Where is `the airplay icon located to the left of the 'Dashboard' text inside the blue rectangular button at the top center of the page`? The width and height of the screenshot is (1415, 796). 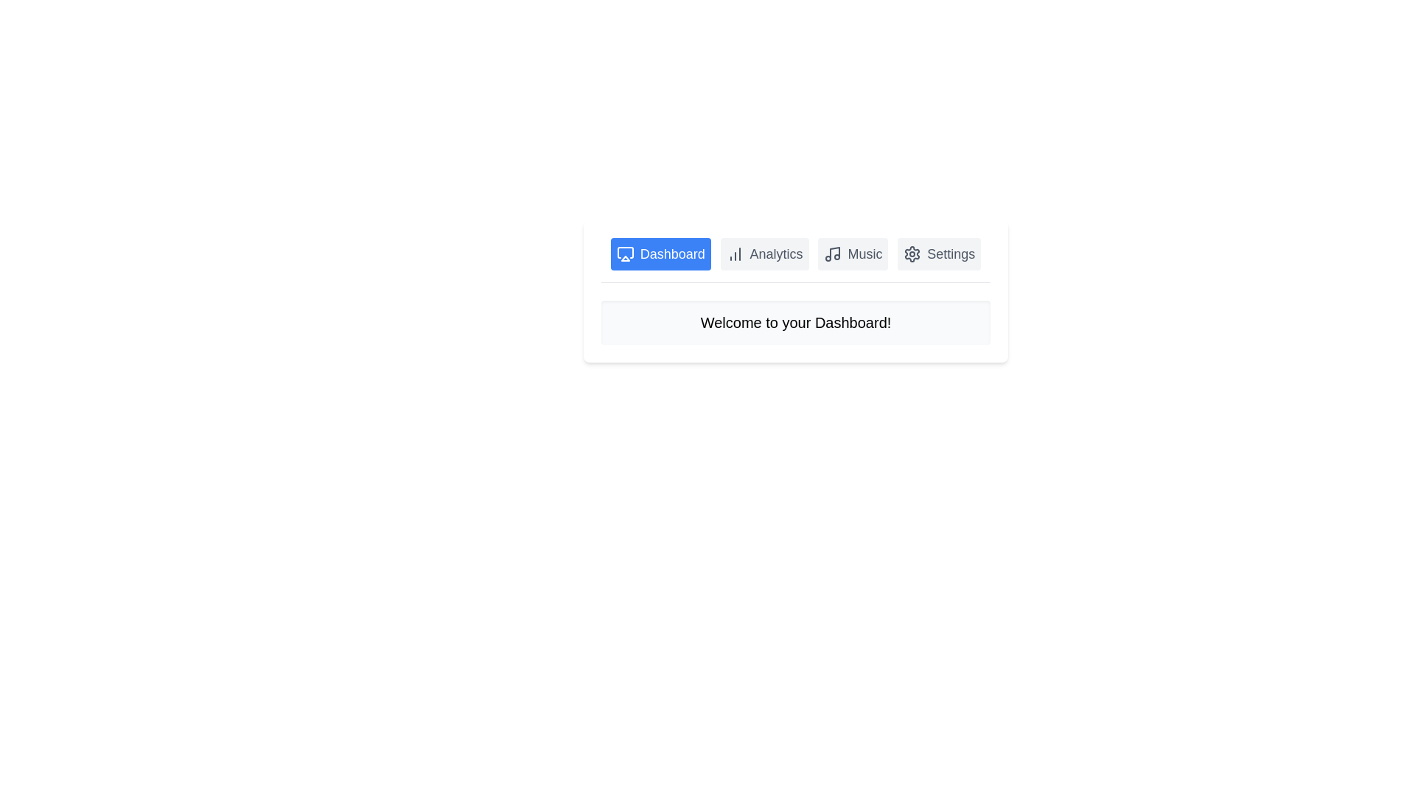
the airplay icon located to the left of the 'Dashboard' text inside the blue rectangular button at the top center of the page is located at coordinates (625, 253).